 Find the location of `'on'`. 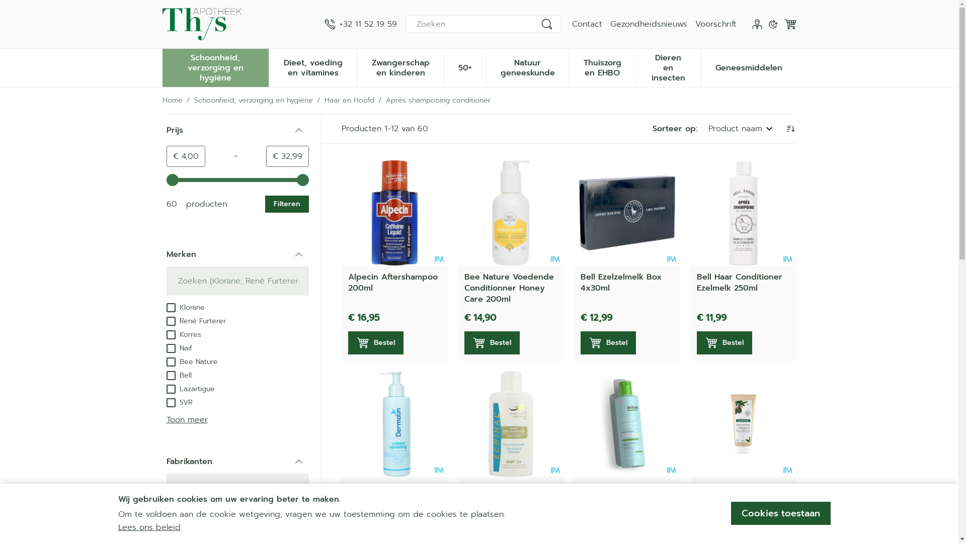

'on' is located at coordinates (171, 321).